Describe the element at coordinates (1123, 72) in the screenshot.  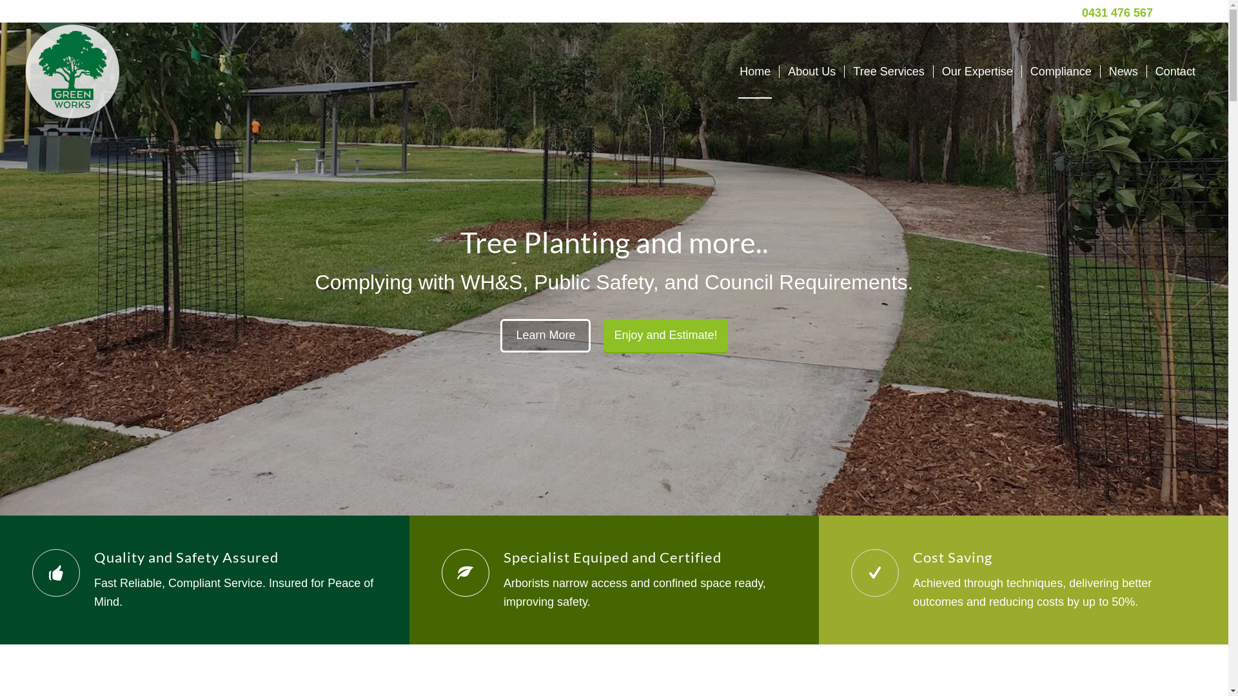
I see `'News'` at that location.